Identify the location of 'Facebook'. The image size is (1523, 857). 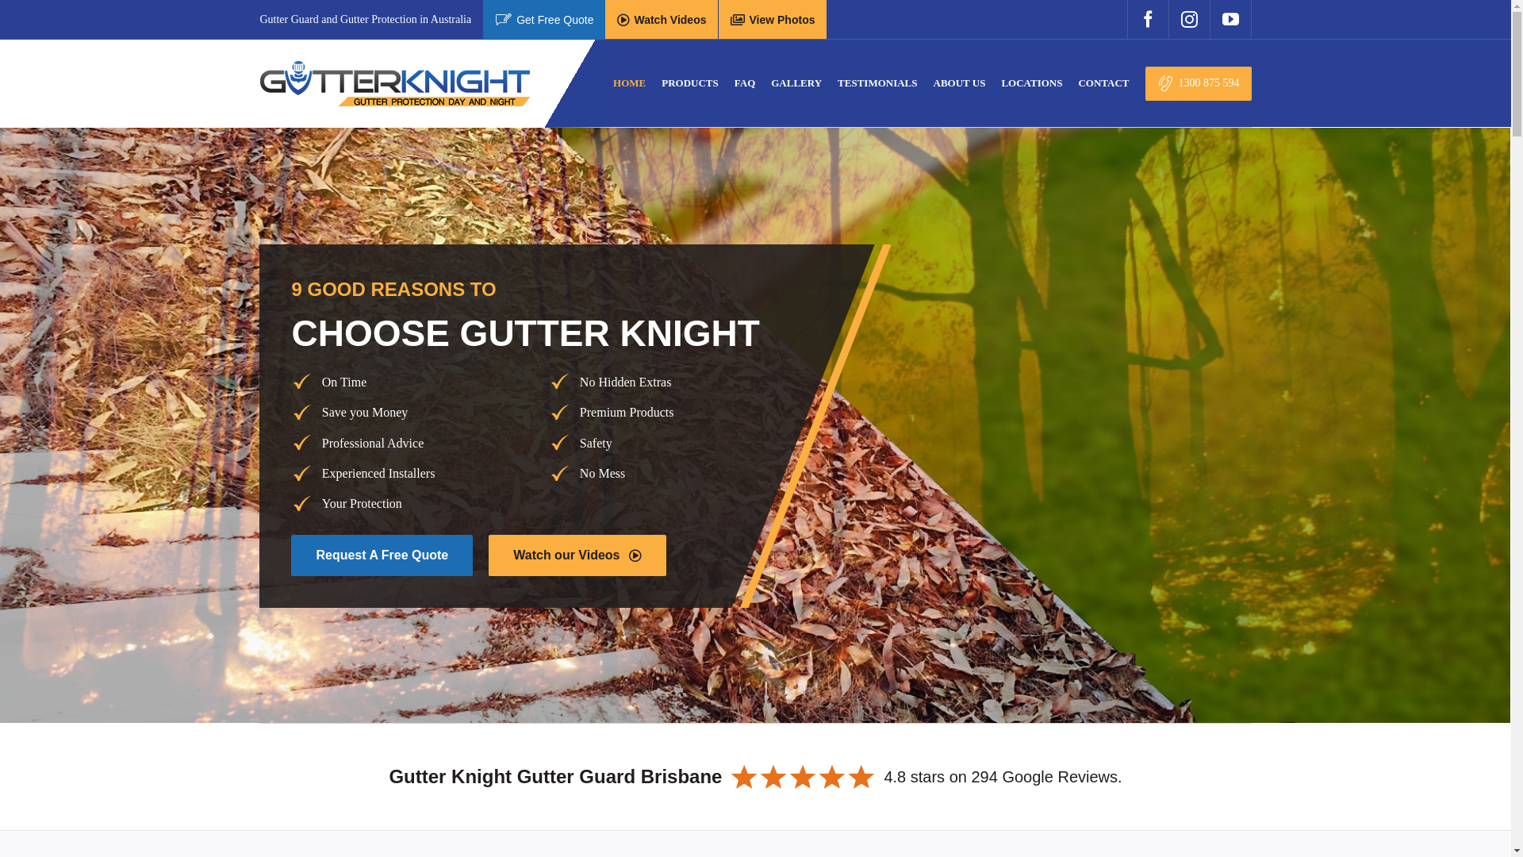
(1147, 19).